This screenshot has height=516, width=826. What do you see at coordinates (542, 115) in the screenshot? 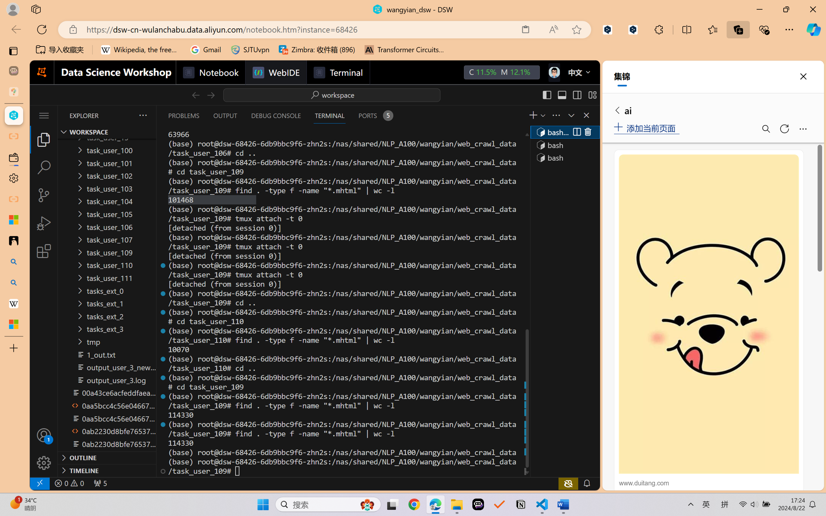
I see `'Launch Profile...'` at bounding box center [542, 115].